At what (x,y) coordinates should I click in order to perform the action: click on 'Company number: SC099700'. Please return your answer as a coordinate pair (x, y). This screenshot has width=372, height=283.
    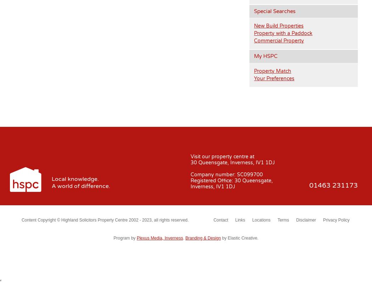
    Looking at the image, I should click on (226, 174).